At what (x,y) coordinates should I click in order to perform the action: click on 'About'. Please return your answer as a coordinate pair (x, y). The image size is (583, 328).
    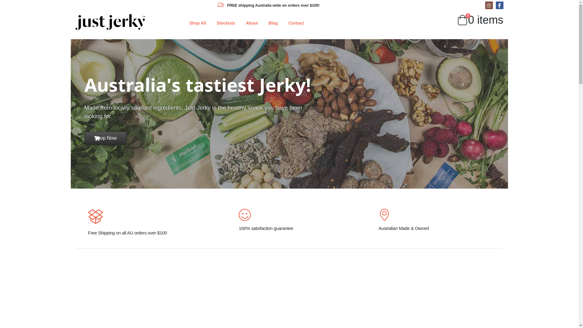
    Looking at the image, I should click on (252, 23).